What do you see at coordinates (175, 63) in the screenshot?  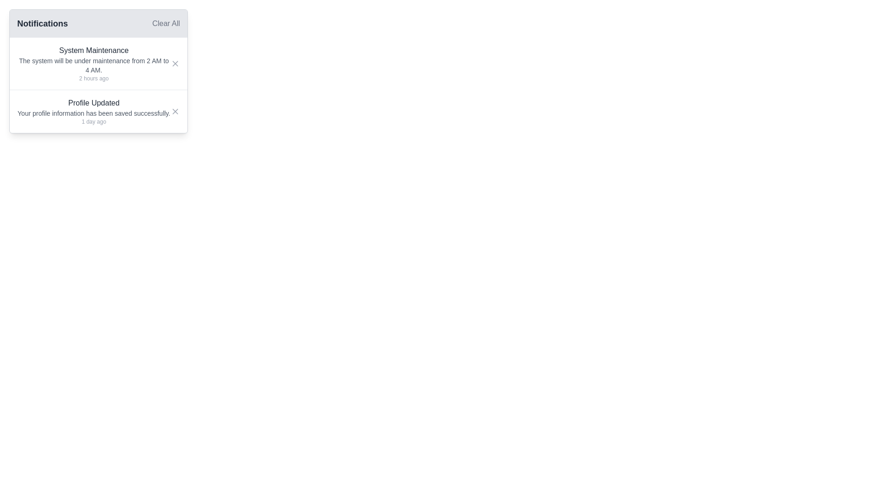 I see `the dismiss icon shaped like an 'X' located in the top-right corner of the 'System Maintenance' notification` at bounding box center [175, 63].